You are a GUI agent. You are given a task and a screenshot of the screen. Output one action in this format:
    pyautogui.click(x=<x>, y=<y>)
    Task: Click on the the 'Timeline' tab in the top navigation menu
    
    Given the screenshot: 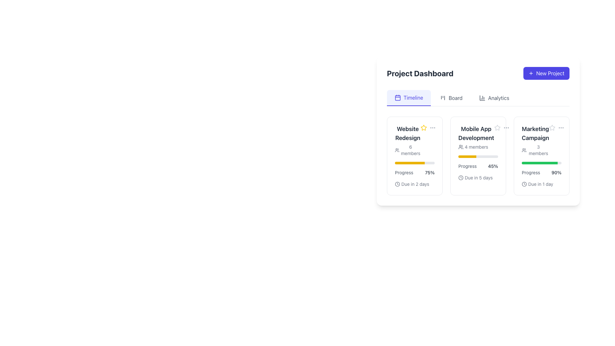 What is the action you would take?
    pyautogui.click(x=408, y=98)
    